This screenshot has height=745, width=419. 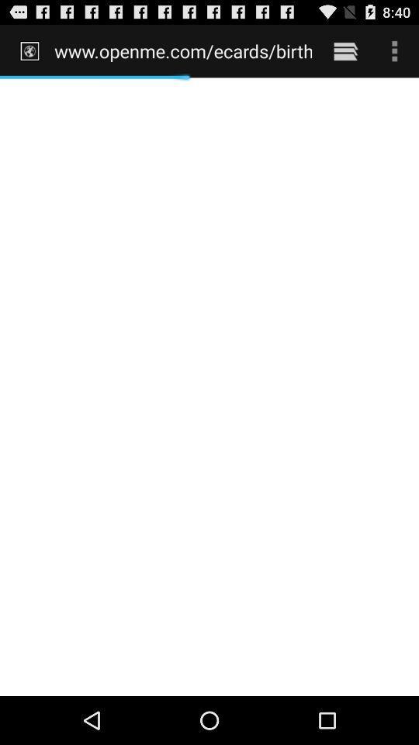 What do you see at coordinates (345, 50) in the screenshot?
I see `the item to the right of the www openme com item` at bounding box center [345, 50].